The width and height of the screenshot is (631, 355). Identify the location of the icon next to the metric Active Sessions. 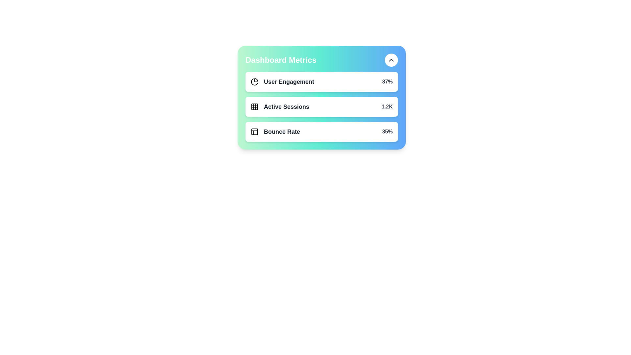
(254, 106).